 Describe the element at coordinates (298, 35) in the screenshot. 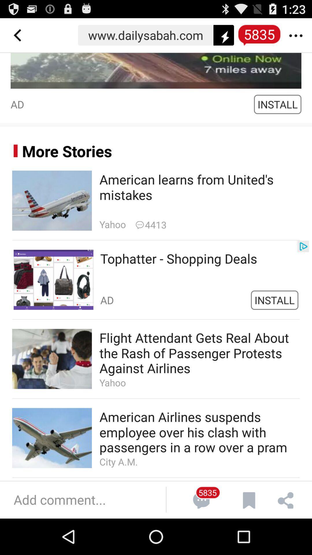

I see `more button at top right` at that location.